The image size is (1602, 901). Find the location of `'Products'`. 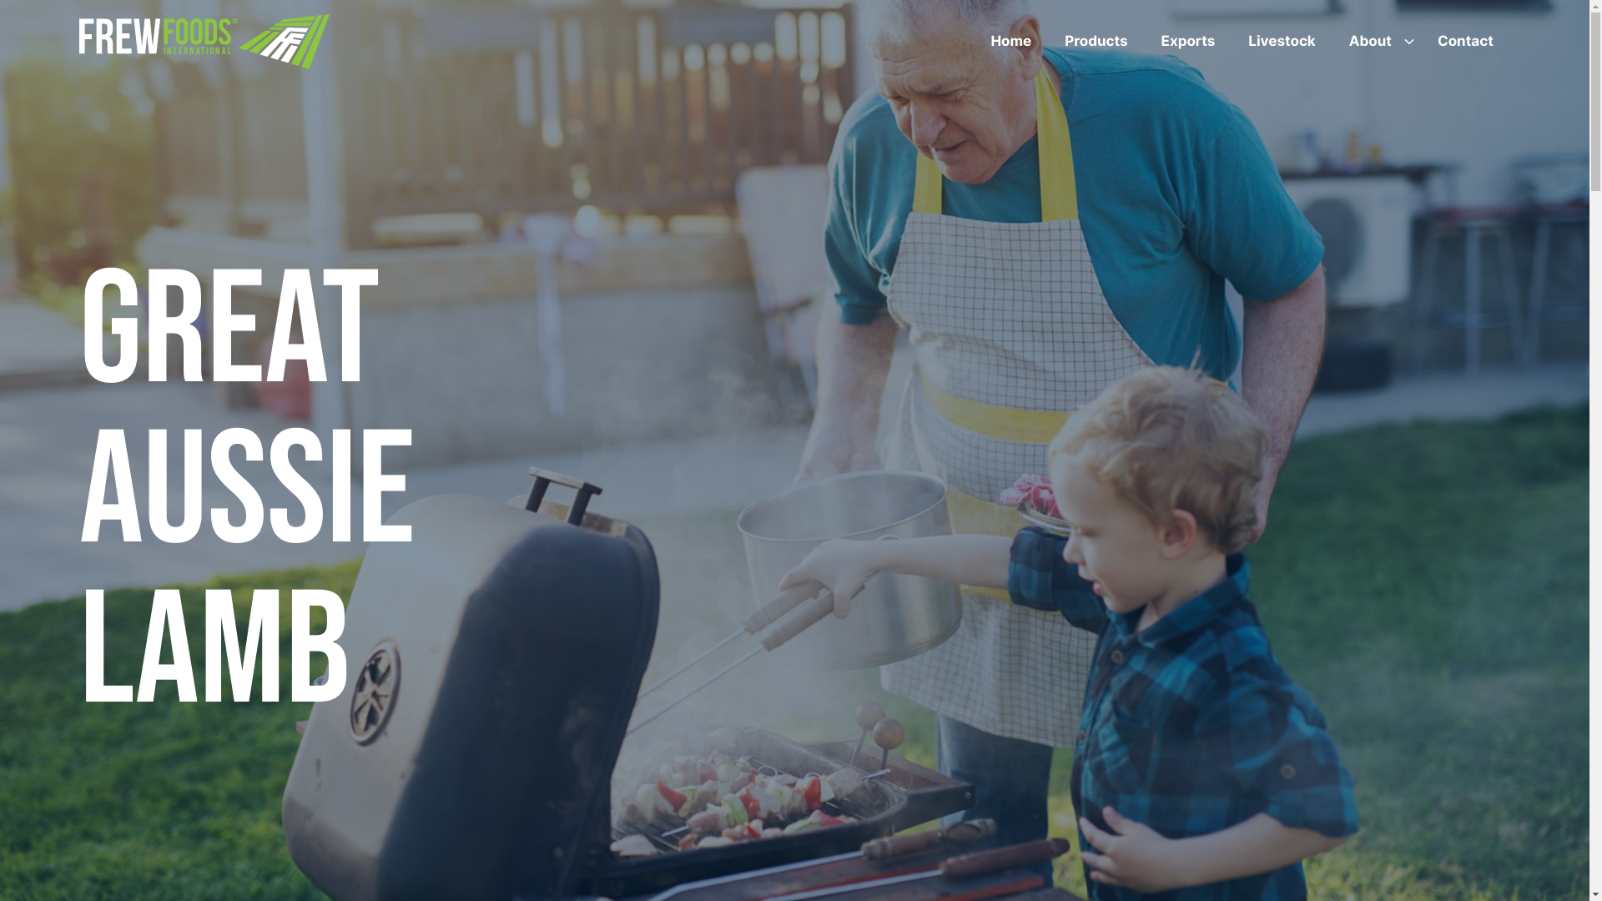

'Products' is located at coordinates (1096, 41).